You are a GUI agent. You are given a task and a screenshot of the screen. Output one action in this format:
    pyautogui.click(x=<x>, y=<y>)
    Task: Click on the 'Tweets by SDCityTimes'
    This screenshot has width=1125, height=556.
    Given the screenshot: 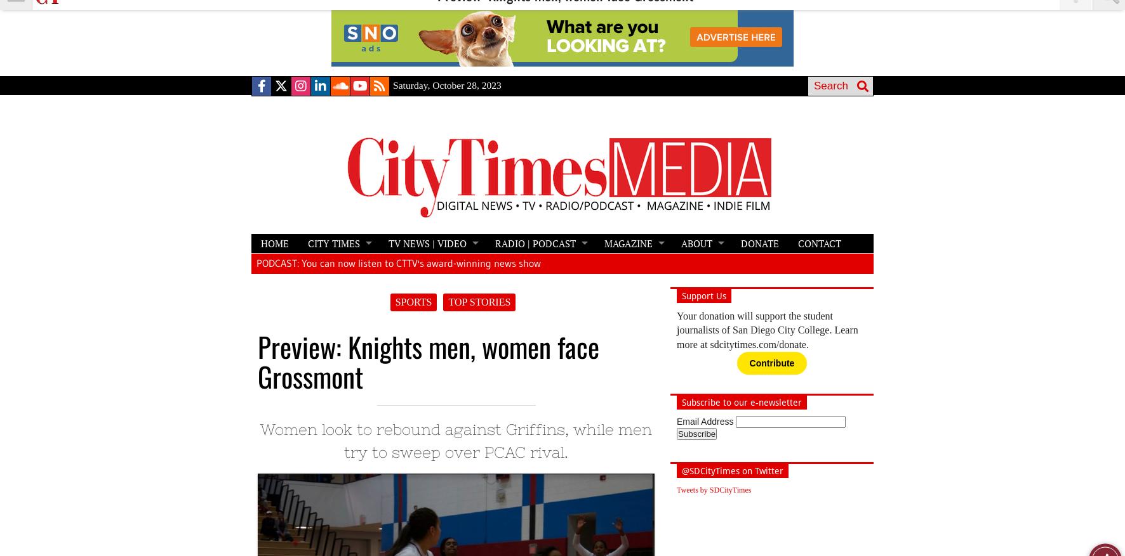 What is the action you would take?
    pyautogui.click(x=713, y=489)
    